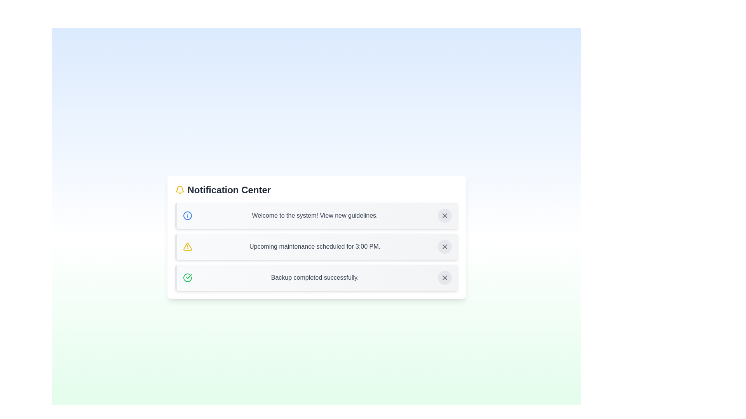 The height and width of the screenshot is (419, 746). Describe the element at coordinates (444, 215) in the screenshot. I see `the close button icon located in the top-right corner of the first notification entry` at that location.